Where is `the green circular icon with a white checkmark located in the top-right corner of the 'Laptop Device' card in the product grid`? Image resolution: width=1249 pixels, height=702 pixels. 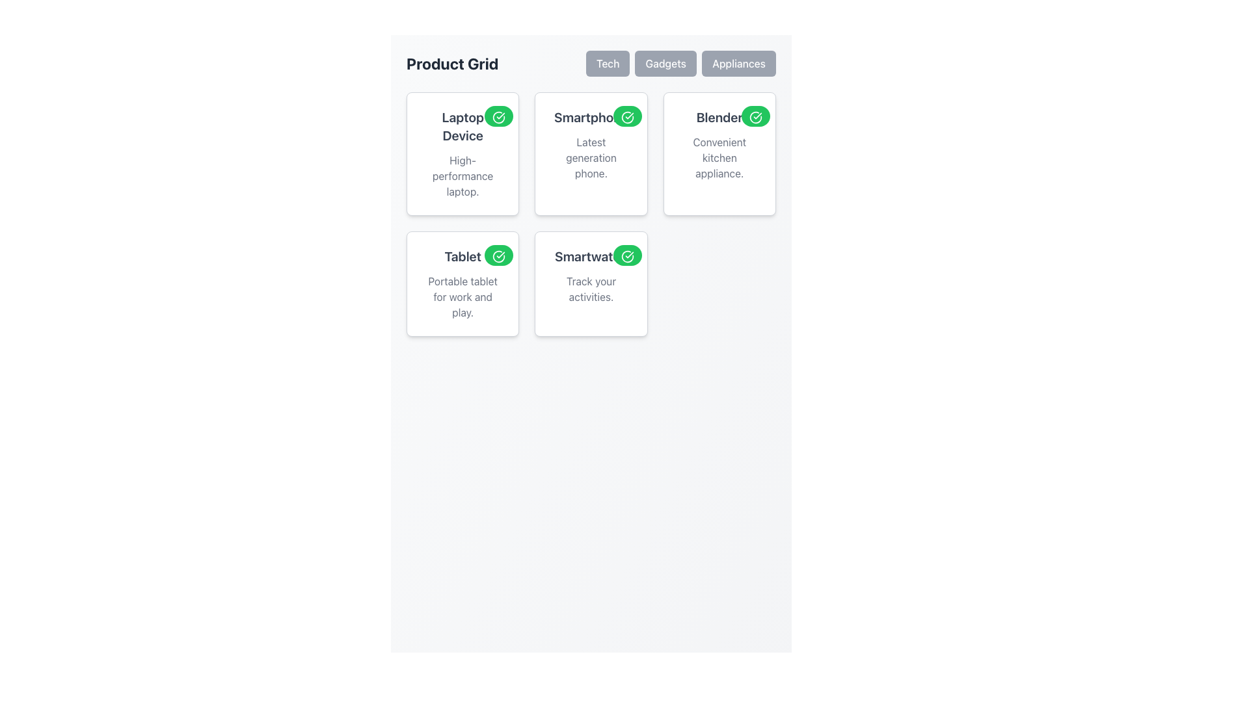
the green circular icon with a white checkmark located in the top-right corner of the 'Laptop Device' card in the product grid is located at coordinates (498, 117).